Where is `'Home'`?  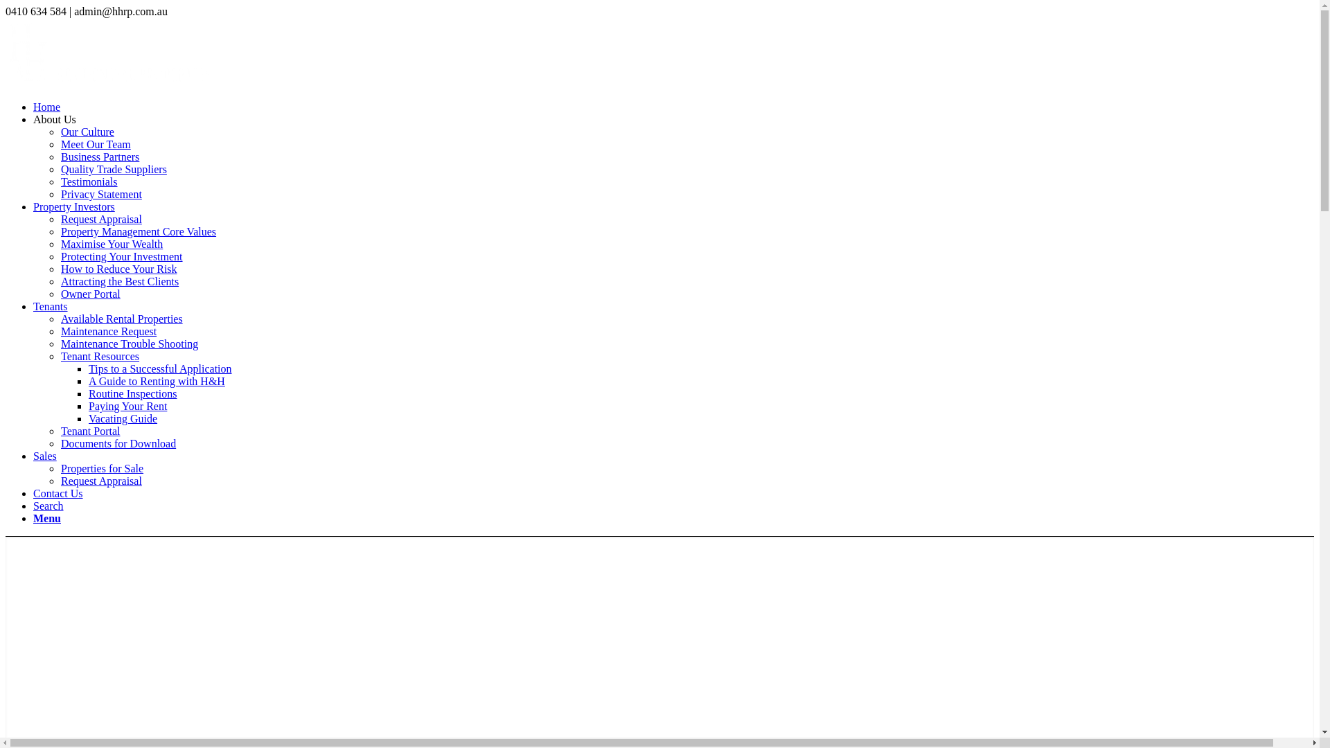
'Home' is located at coordinates (46, 106).